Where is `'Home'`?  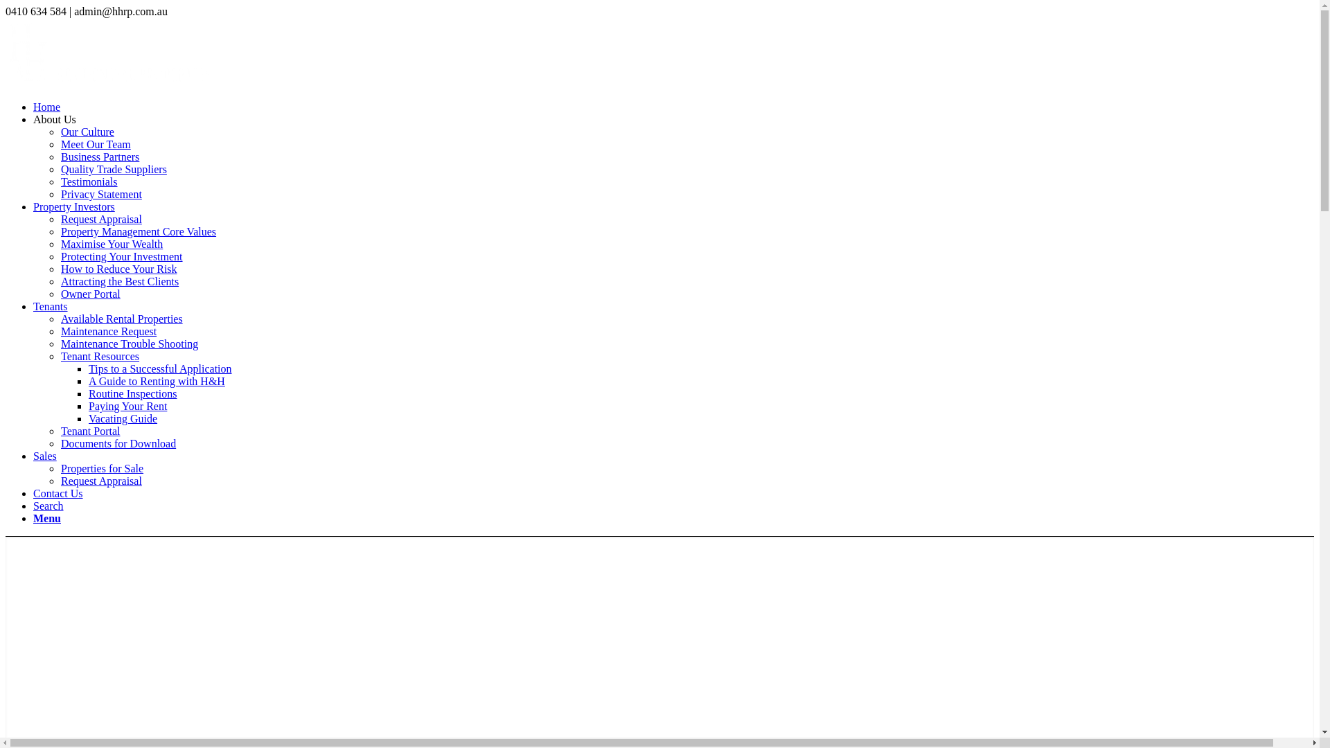
'Home' is located at coordinates (46, 106).